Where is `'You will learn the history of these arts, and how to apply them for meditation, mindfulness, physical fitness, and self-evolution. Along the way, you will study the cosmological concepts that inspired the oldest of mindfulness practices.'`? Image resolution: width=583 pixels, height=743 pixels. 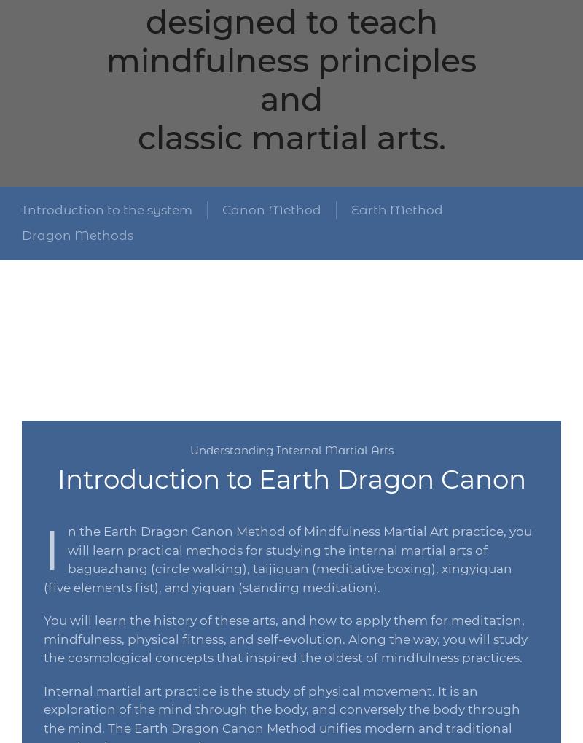
'You will learn the history of these arts, and how to apply them for meditation, mindfulness, physical fitness, and self-evolution. Along the way, you will study the cosmological concepts that inspired the oldest of mindfulness practices.' is located at coordinates (285, 638).